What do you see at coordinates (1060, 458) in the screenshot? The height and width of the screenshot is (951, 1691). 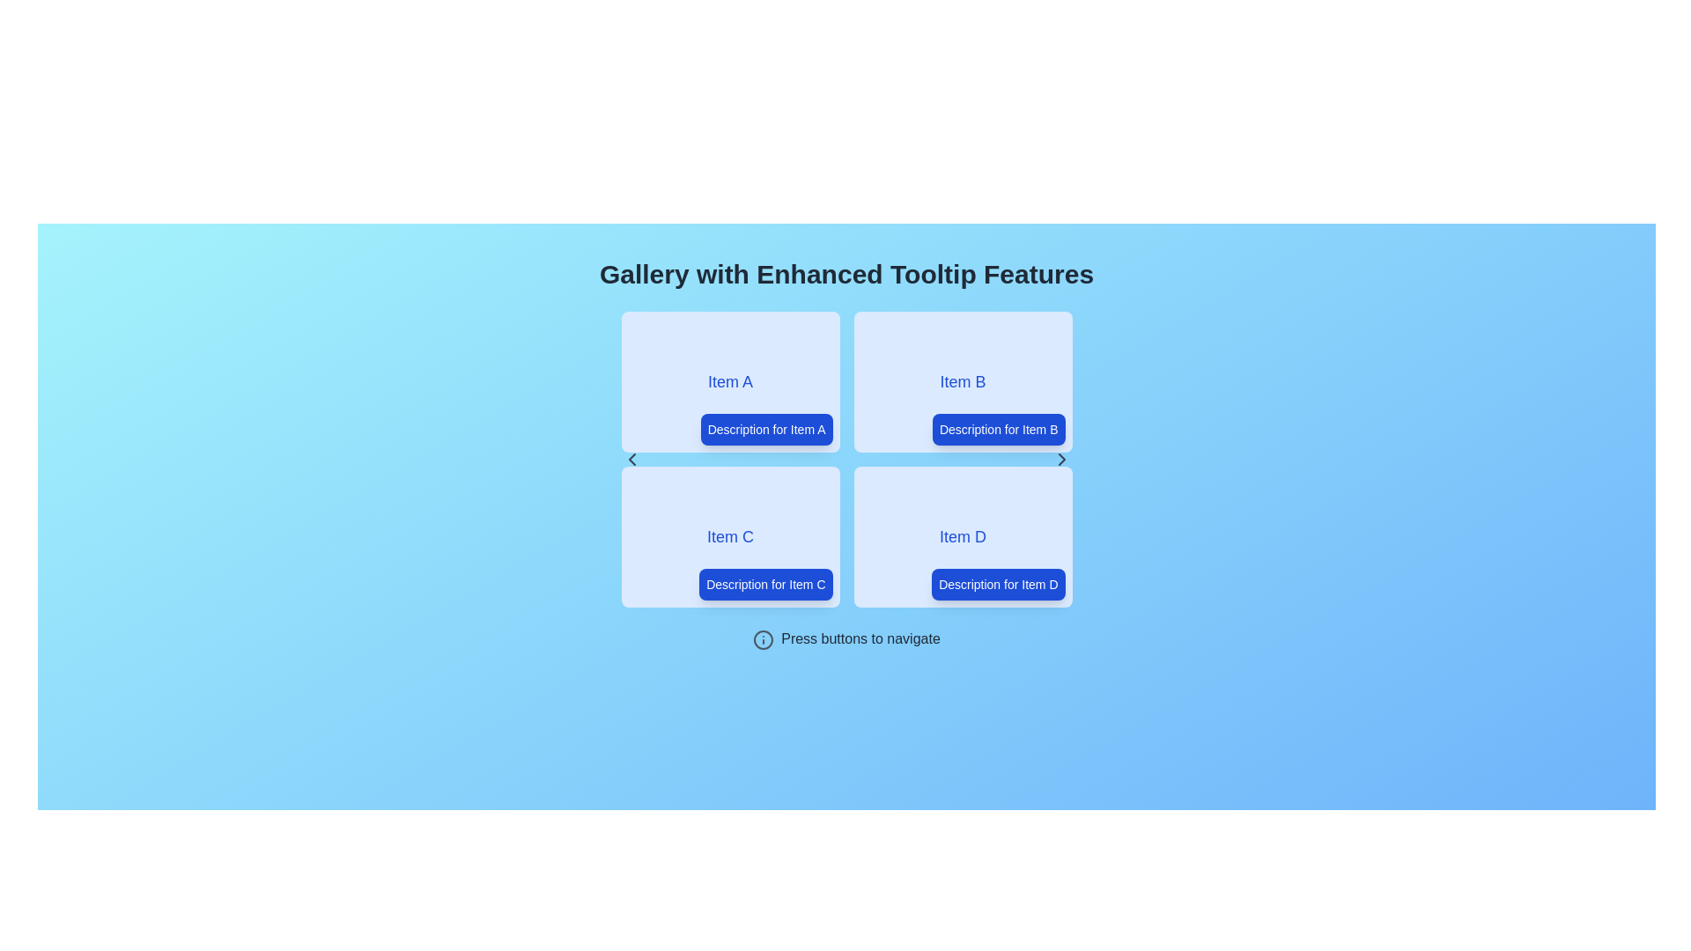 I see `the arrow-shaped icon pointing to the right, which is centrally positioned within the right margin of the 'Item D' panel to trigger visual feedback` at bounding box center [1060, 458].